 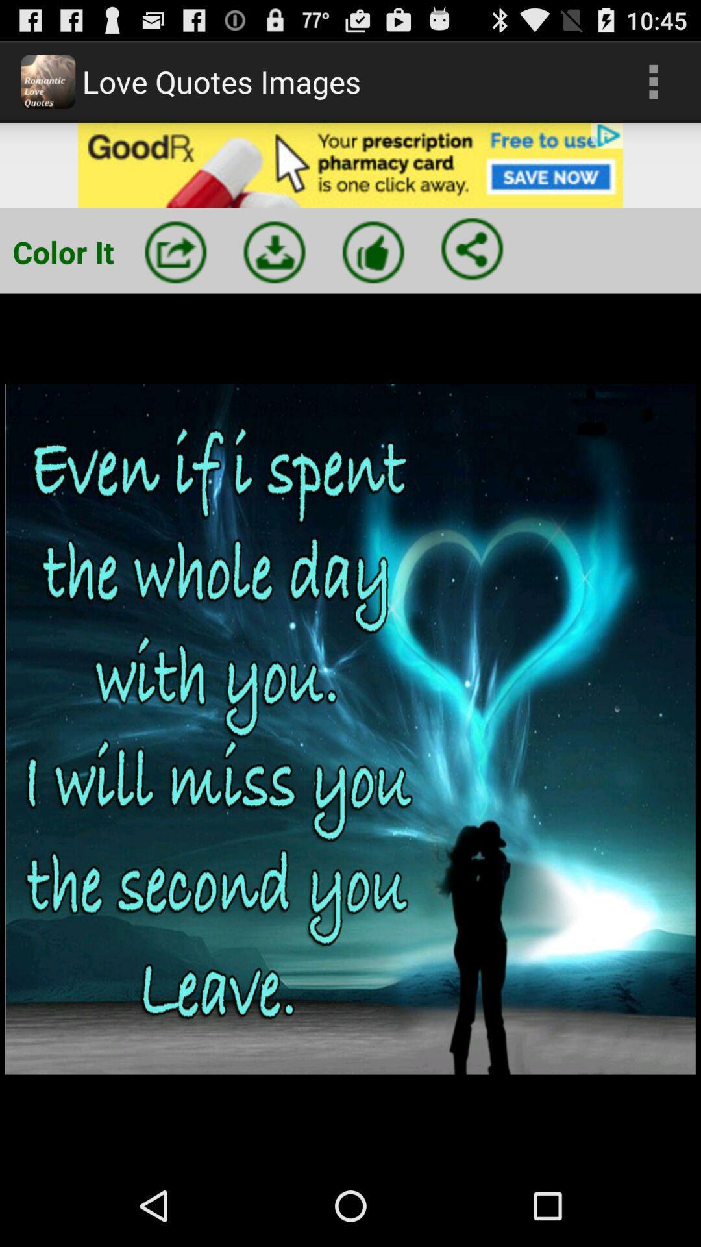 What do you see at coordinates (373, 252) in the screenshot?
I see `like button` at bounding box center [373, 252].